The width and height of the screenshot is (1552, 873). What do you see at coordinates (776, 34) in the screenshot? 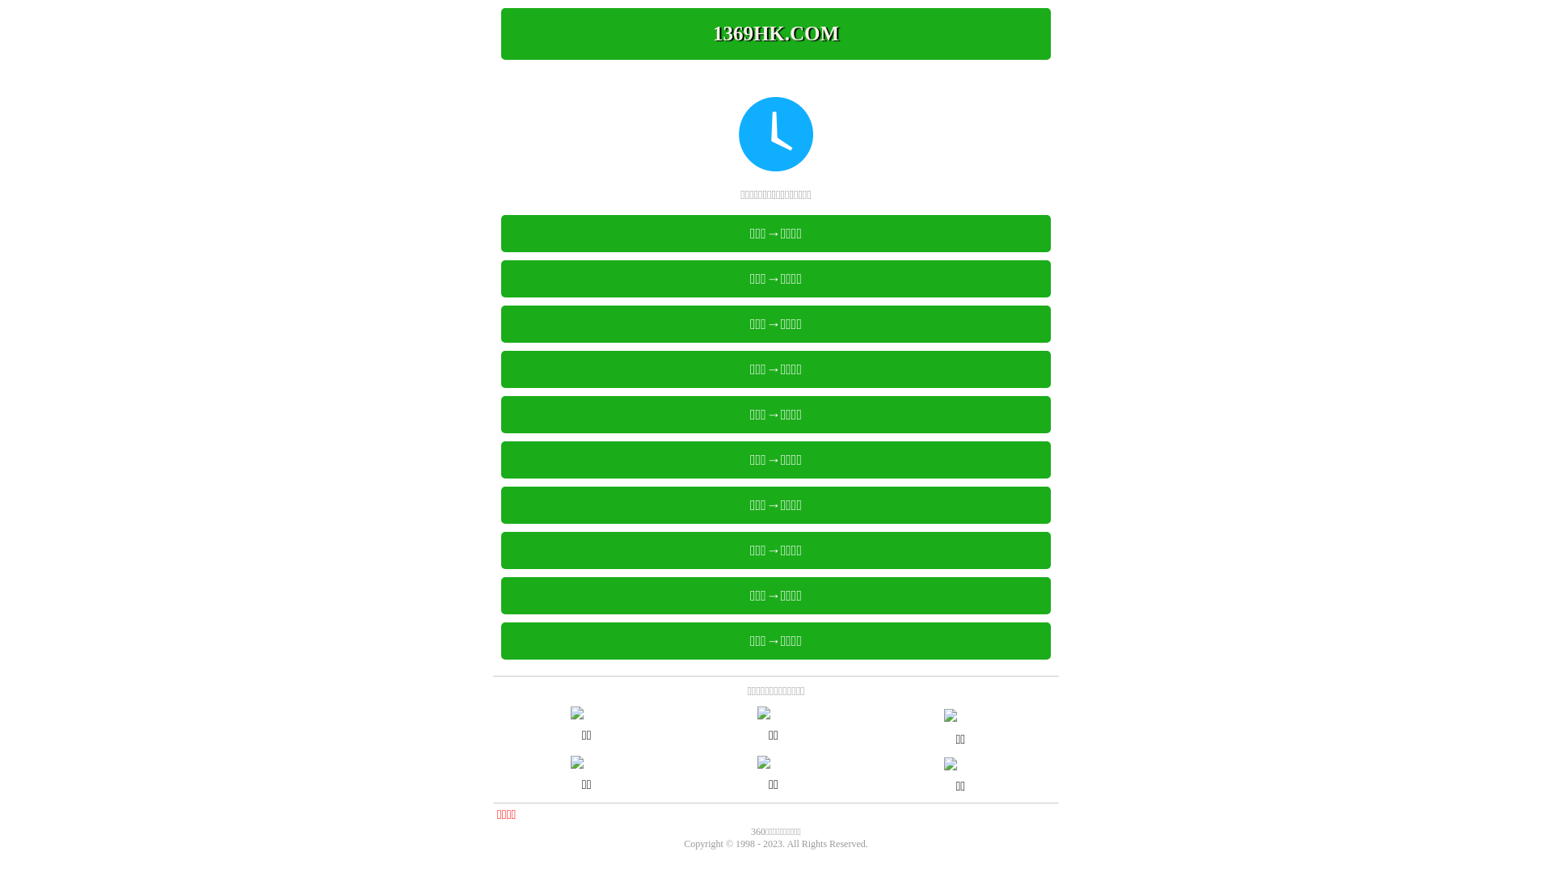
I see `'1369HK.COM'` at bounding box center [776, 34].